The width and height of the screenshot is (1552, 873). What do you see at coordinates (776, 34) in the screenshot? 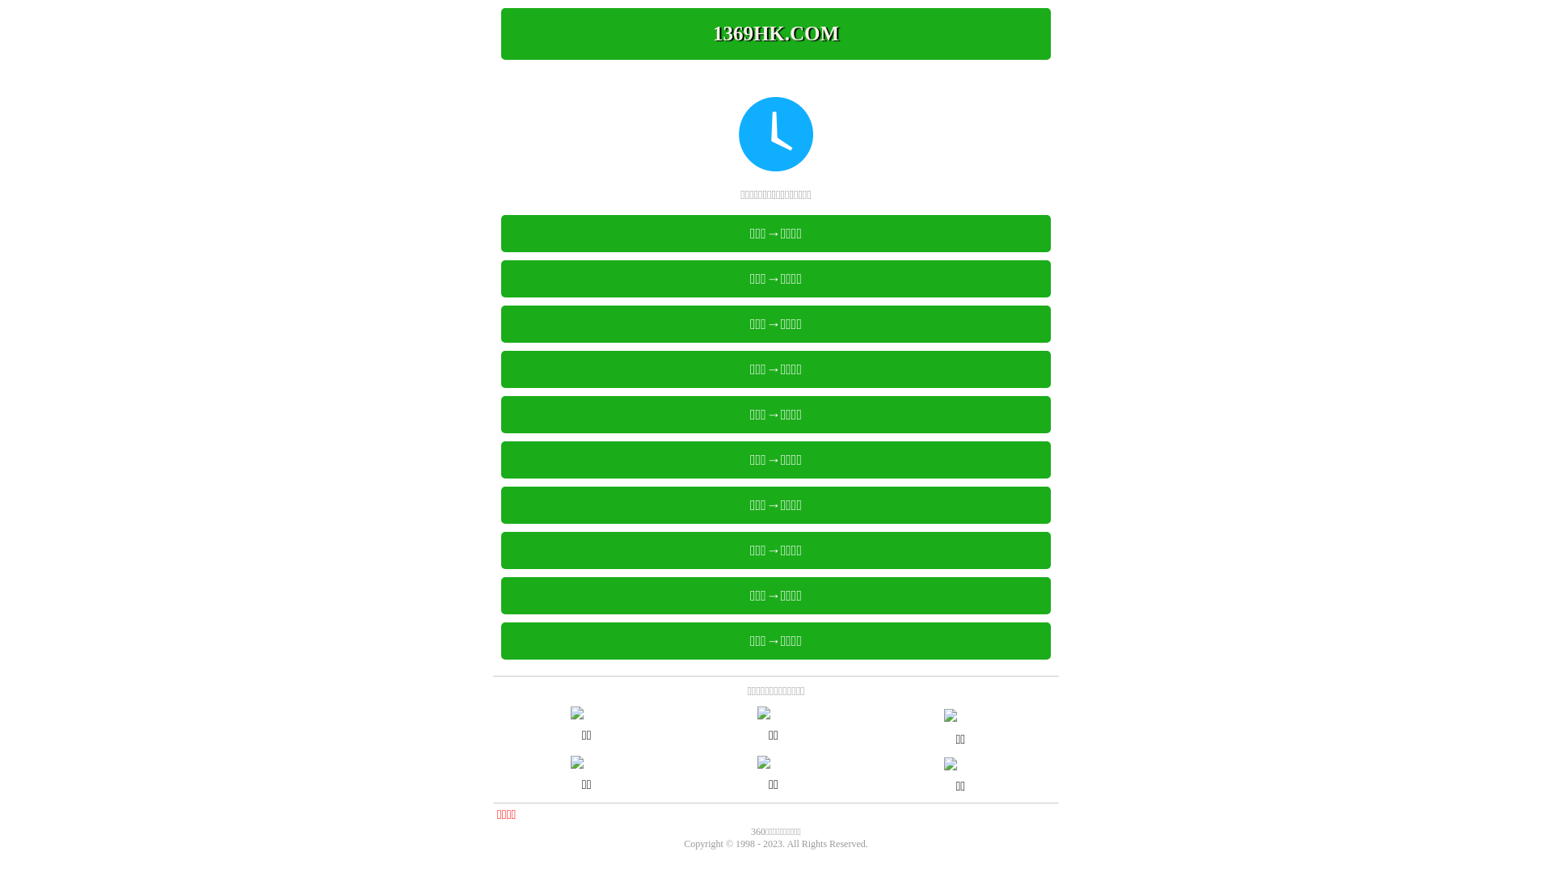
I see `'1369HK.COM'` at bounding box center [776, 34].